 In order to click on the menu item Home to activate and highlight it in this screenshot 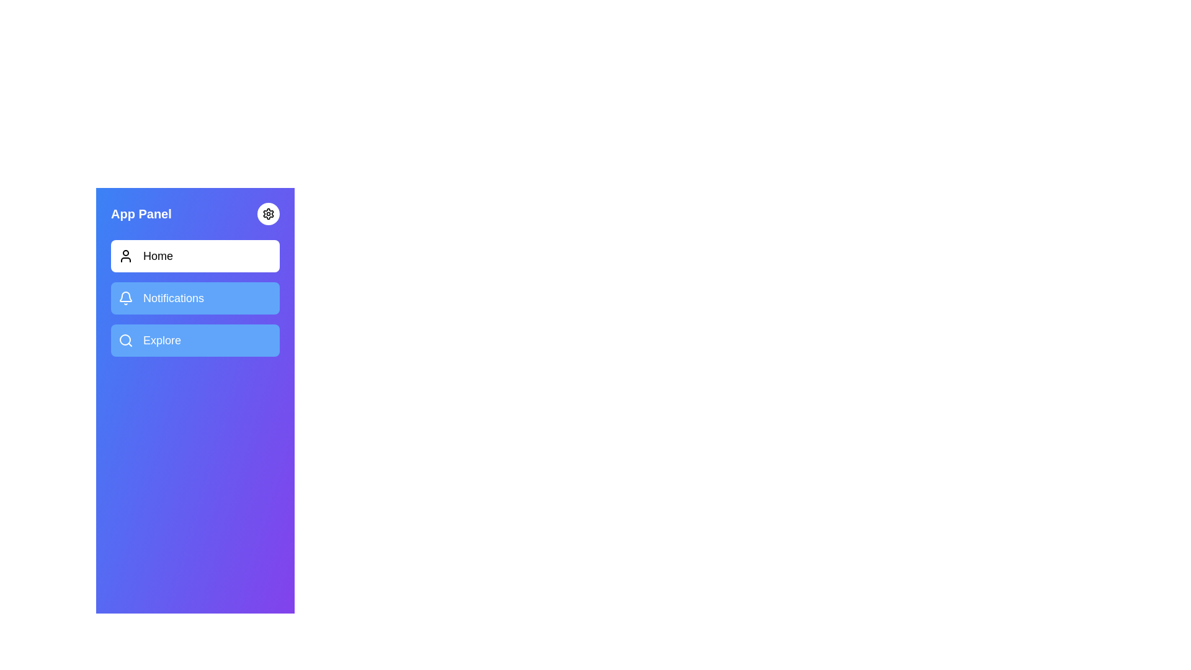, I will do `click(195, 255)`.